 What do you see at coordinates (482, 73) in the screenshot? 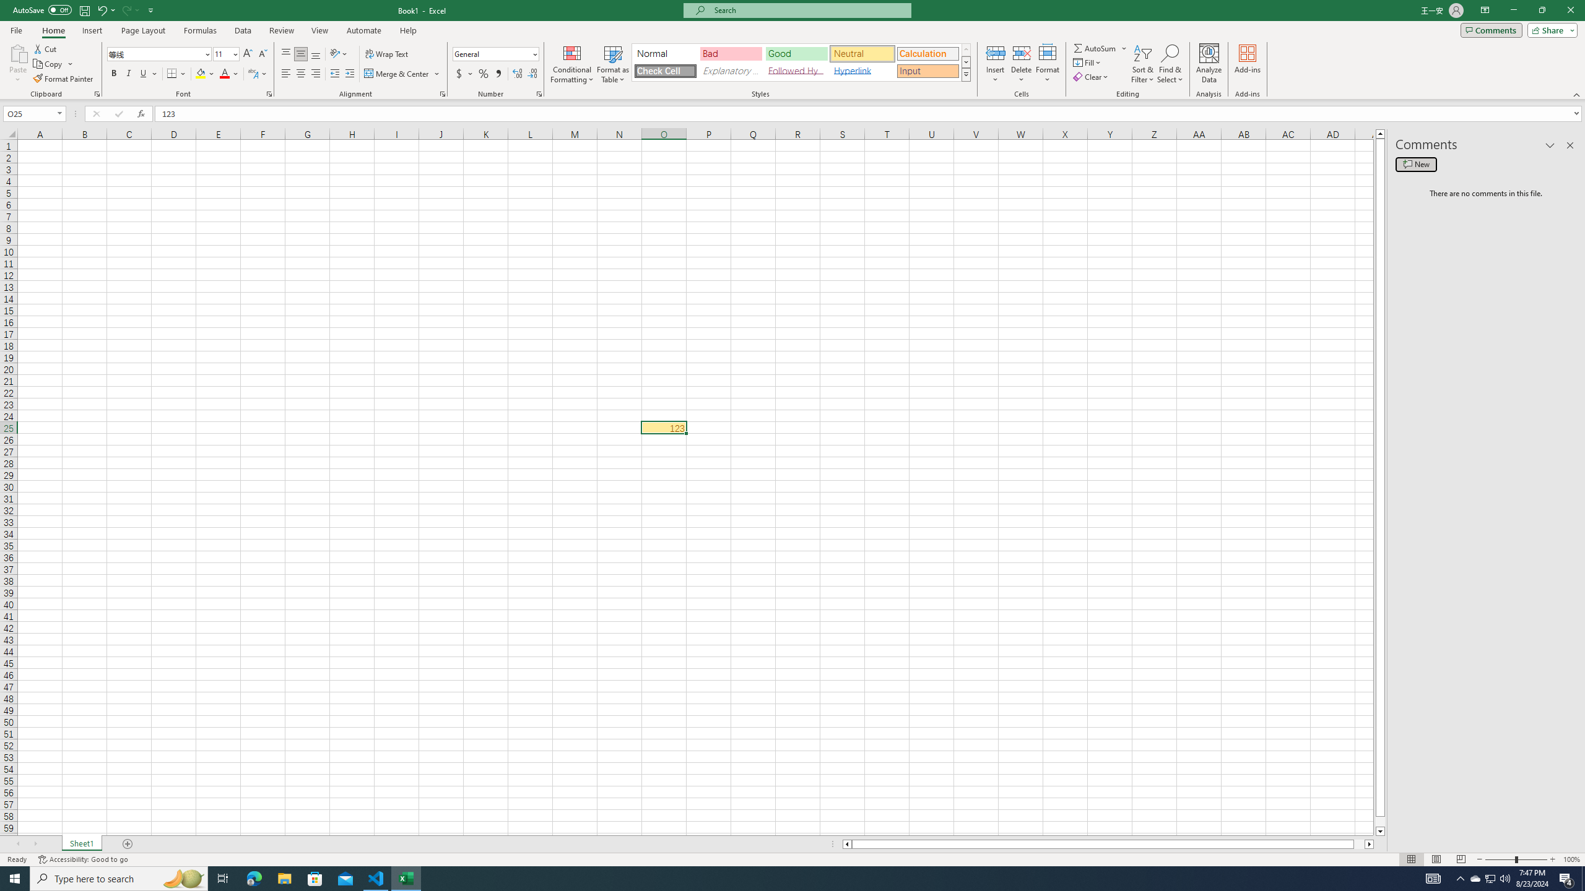
I see `'Percent Style'` at bounding box center [482, 73].